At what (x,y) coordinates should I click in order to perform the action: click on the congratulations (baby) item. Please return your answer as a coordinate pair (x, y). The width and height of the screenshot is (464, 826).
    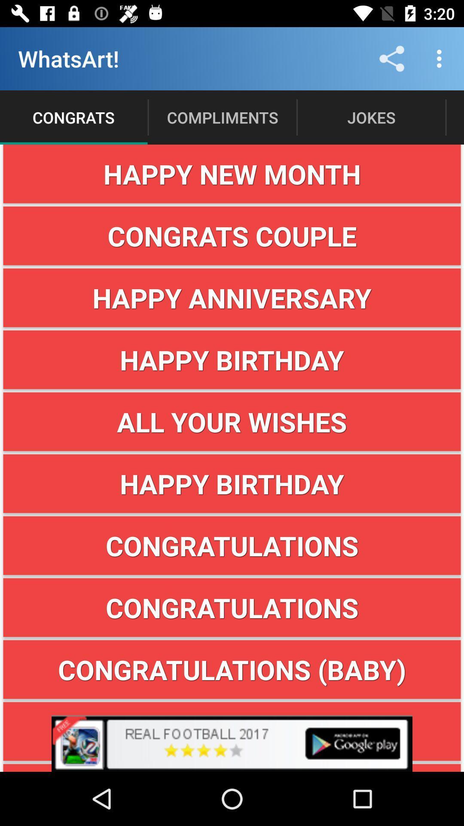
    Looking at the image, I should click on (232, 669).